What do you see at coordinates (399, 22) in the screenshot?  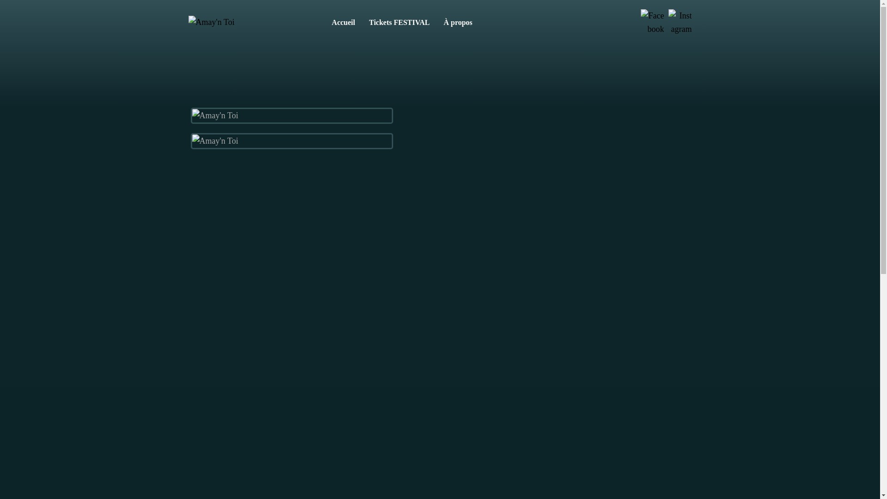 I see `'Tickets FESTIVAL'` at bounding box center [399, 22].